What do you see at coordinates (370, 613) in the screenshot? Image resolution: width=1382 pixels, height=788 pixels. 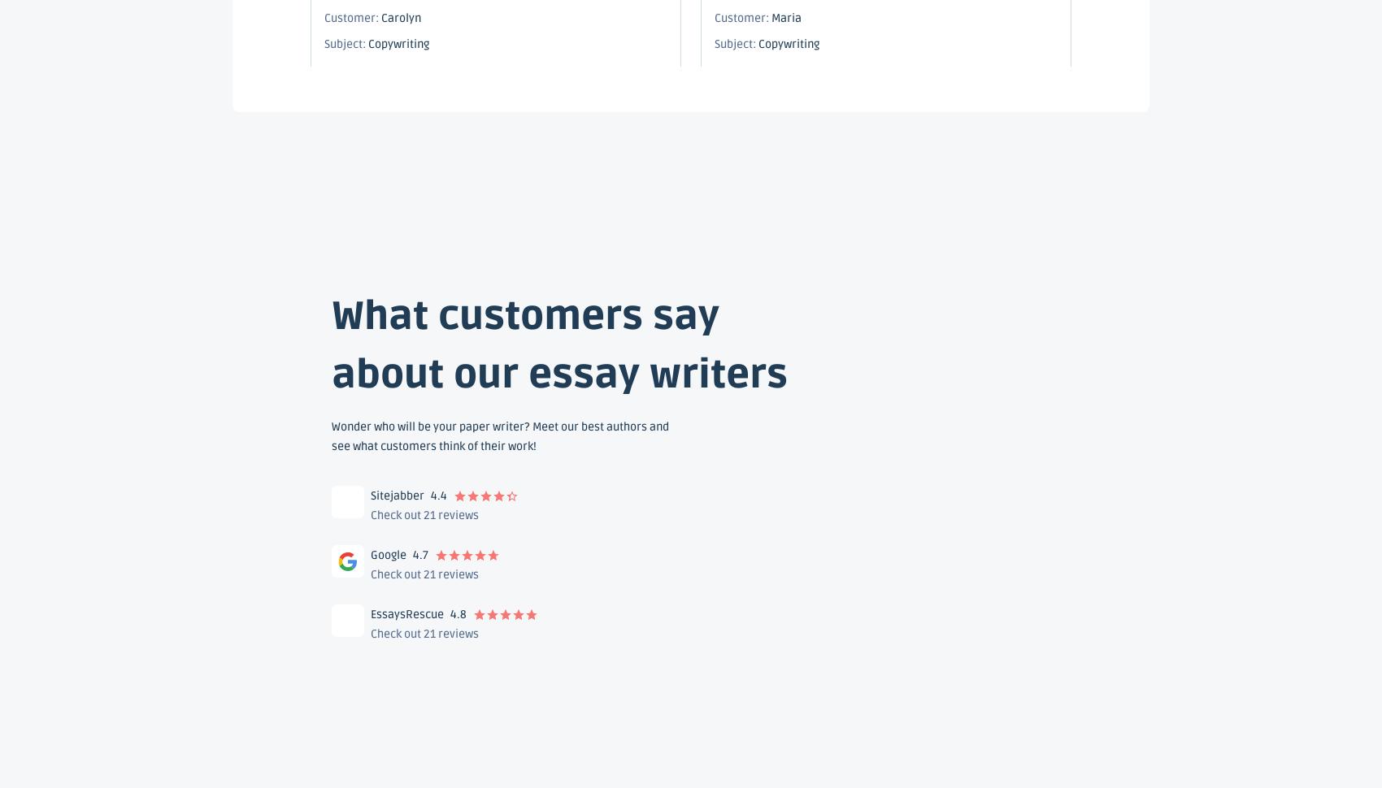 I see `'EssaysRescue'` at bounding box center [370, 613].